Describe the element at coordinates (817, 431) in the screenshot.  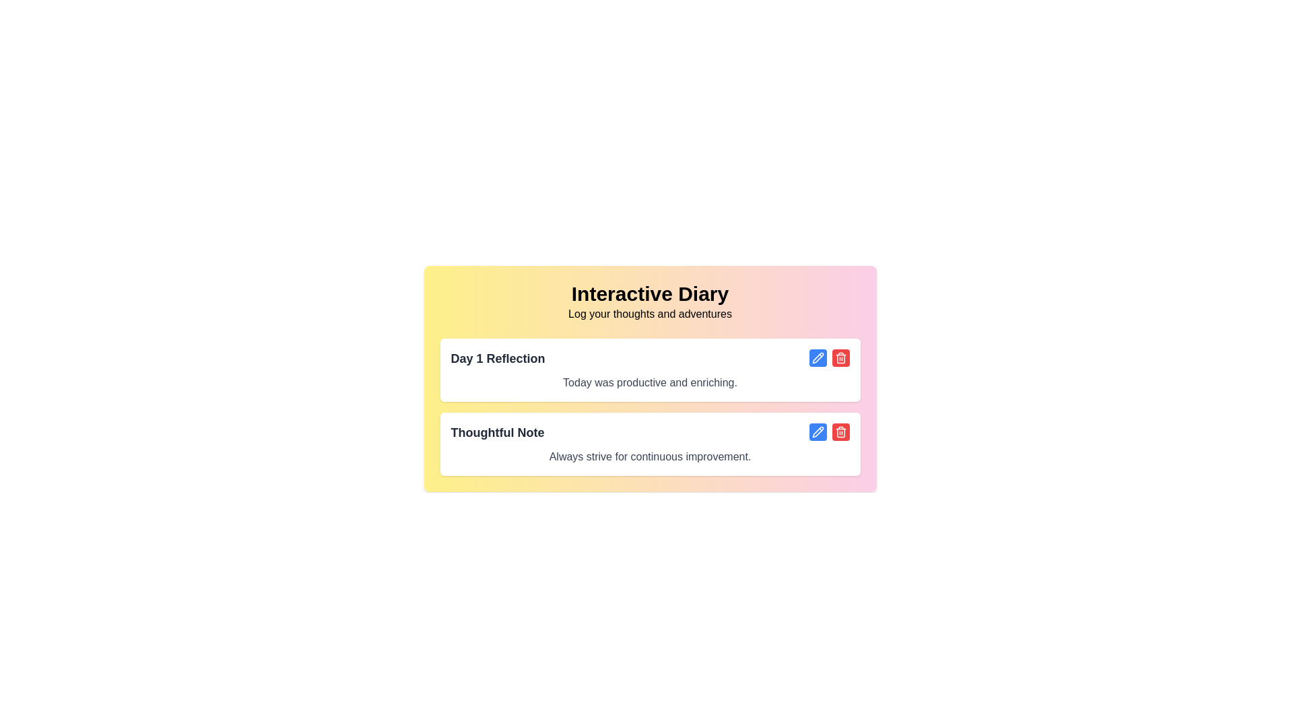
I see `the 'Edit' button located on the right side of the second list item, which is associated with the 'Thoughtful Note' text box, to initiate edit mode for the associated text` at that location.